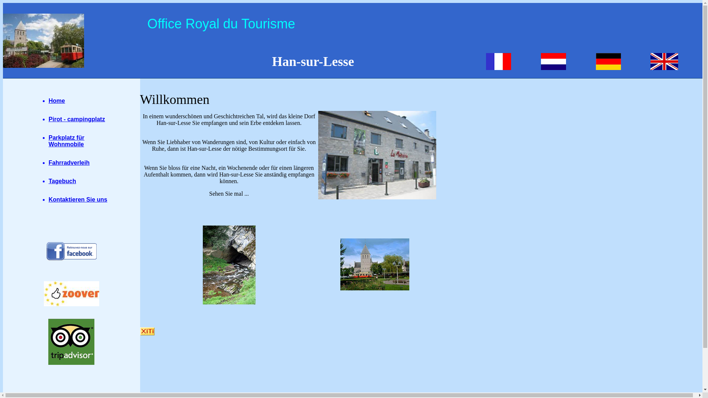 This screenshot has width=708, height=398. Describe the element at coordinates (140, 334) in the screenshot. I see `'WebAnalytics'` at that location.